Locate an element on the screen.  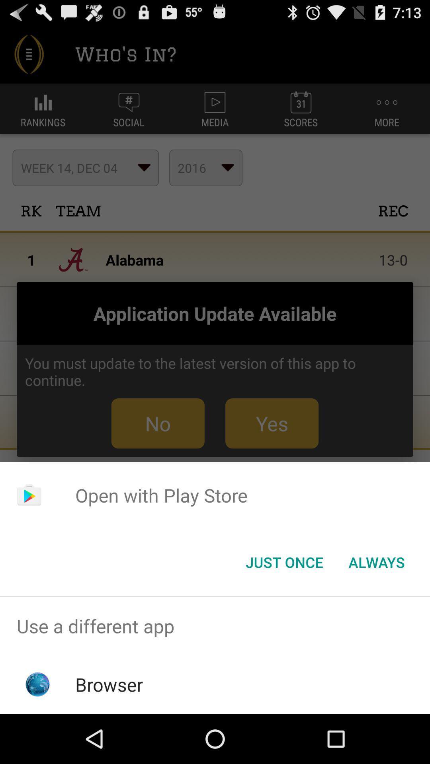
the icon to the right of the just once item is located at coordinates (376, 561).